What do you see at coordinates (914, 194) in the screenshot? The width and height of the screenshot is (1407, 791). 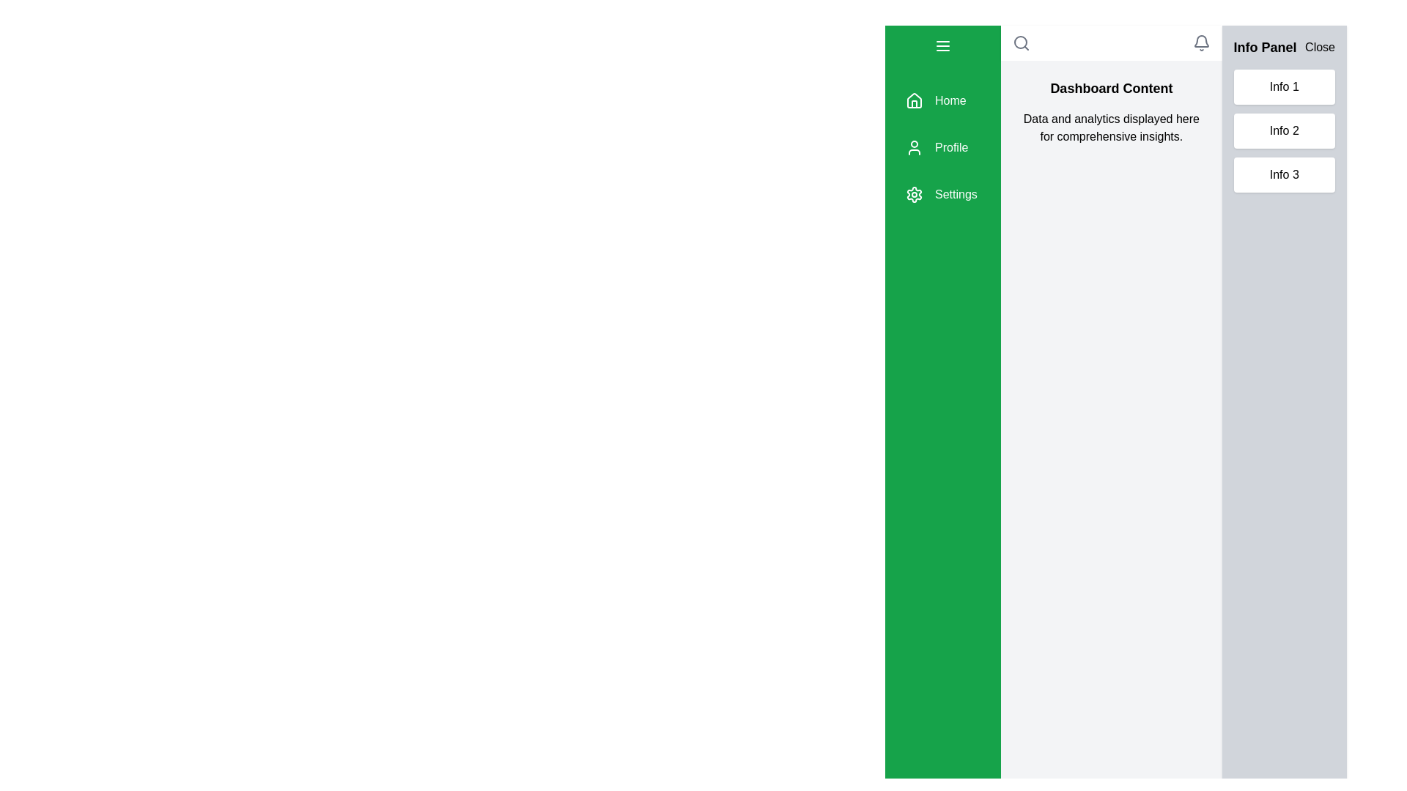 I see `the settings icon located in the green vertical sidebar menu, positioned below the 'Profile' icon` at bounding box center [914, 194].